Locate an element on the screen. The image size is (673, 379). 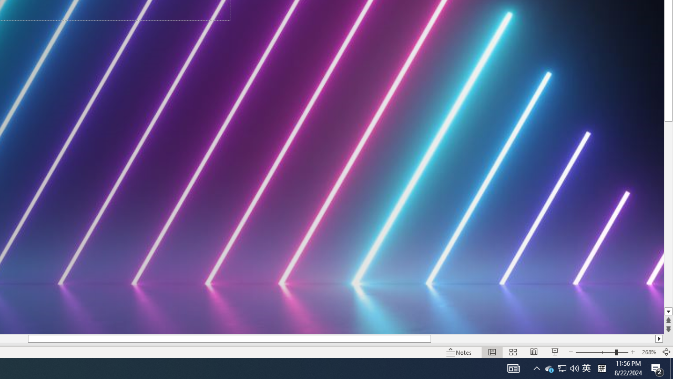
'Zoom 268%' is located at coordinates (648, 352).